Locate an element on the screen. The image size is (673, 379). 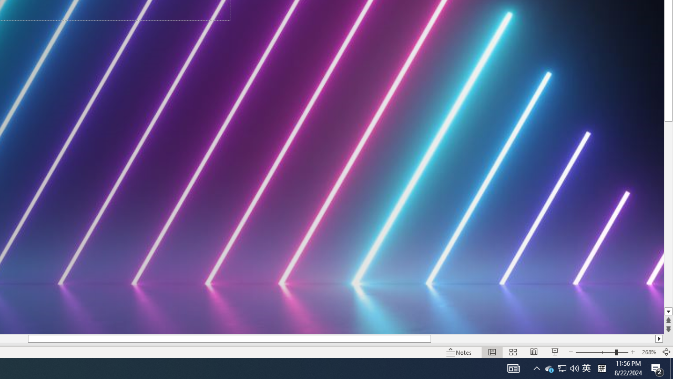
'Zoom 268%' is located at coordinates (648, 352).